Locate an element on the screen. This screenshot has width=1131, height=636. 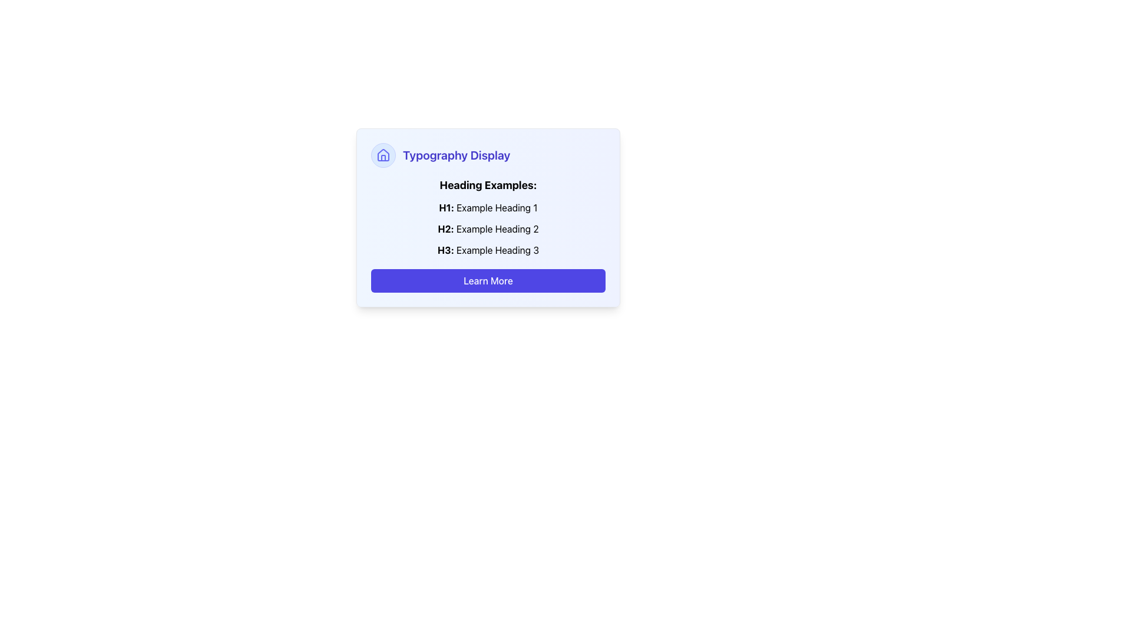
the Static text element that serves as a label for the heading 'H1: Example Heading 1' in the 'Typography Display' section is located at coordinates (446, 207).